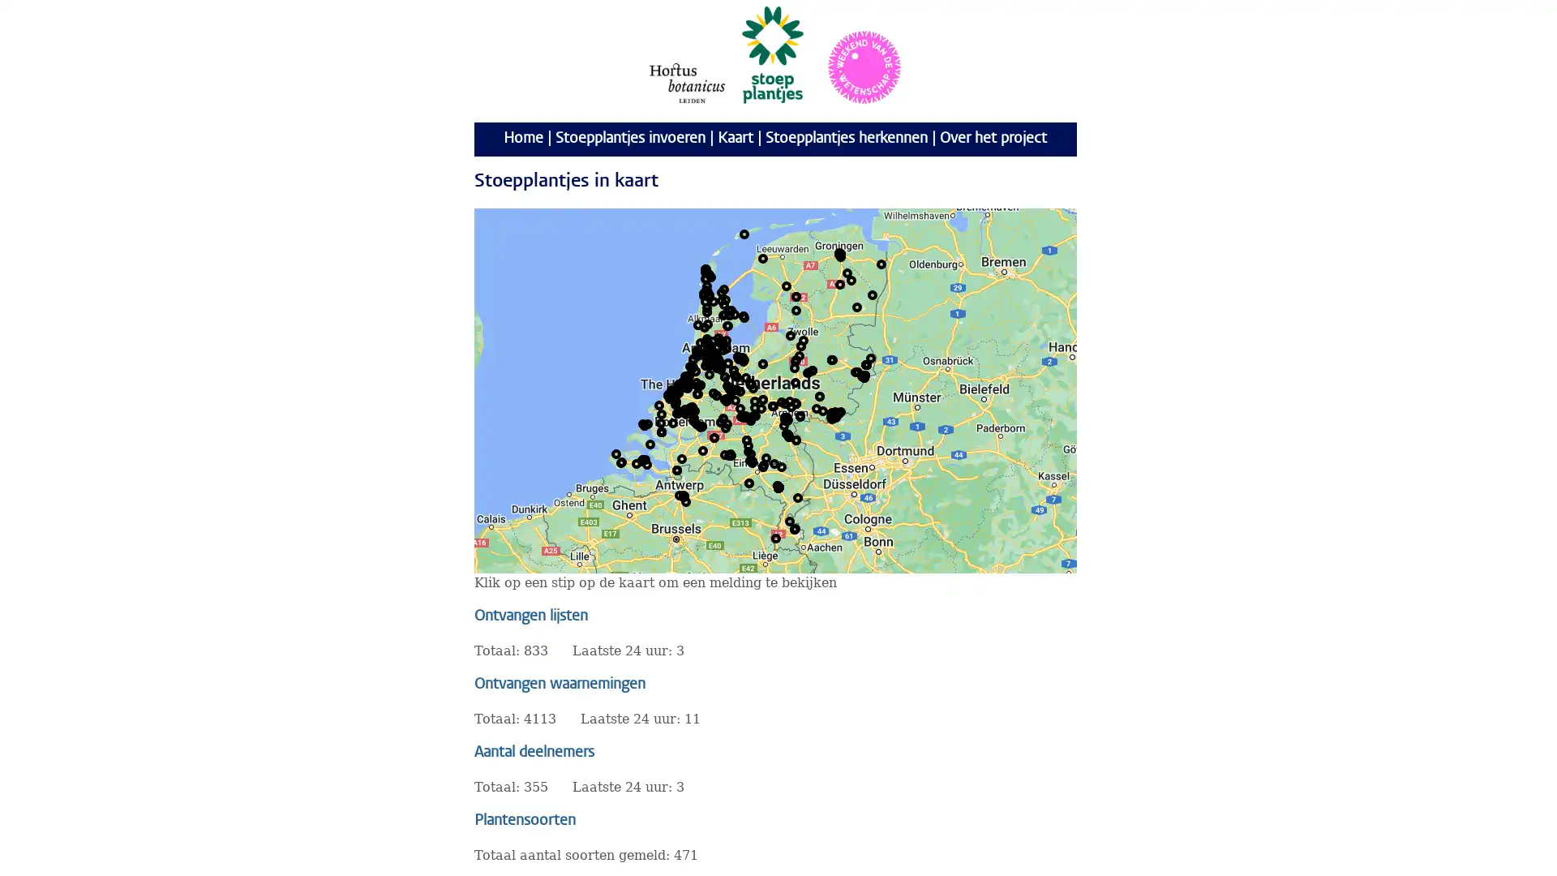  Describe the element at coordinates (724, 399) in the screenshot. I see `Telling van A op 23 april 2022` at that location.